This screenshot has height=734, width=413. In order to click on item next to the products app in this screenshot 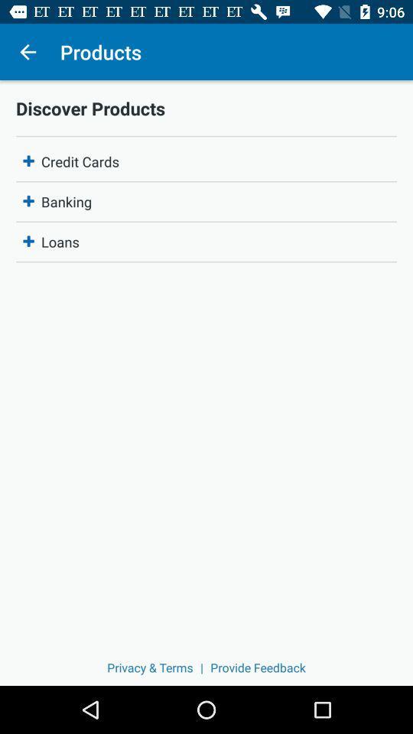, I will do `click(28, 52)`.